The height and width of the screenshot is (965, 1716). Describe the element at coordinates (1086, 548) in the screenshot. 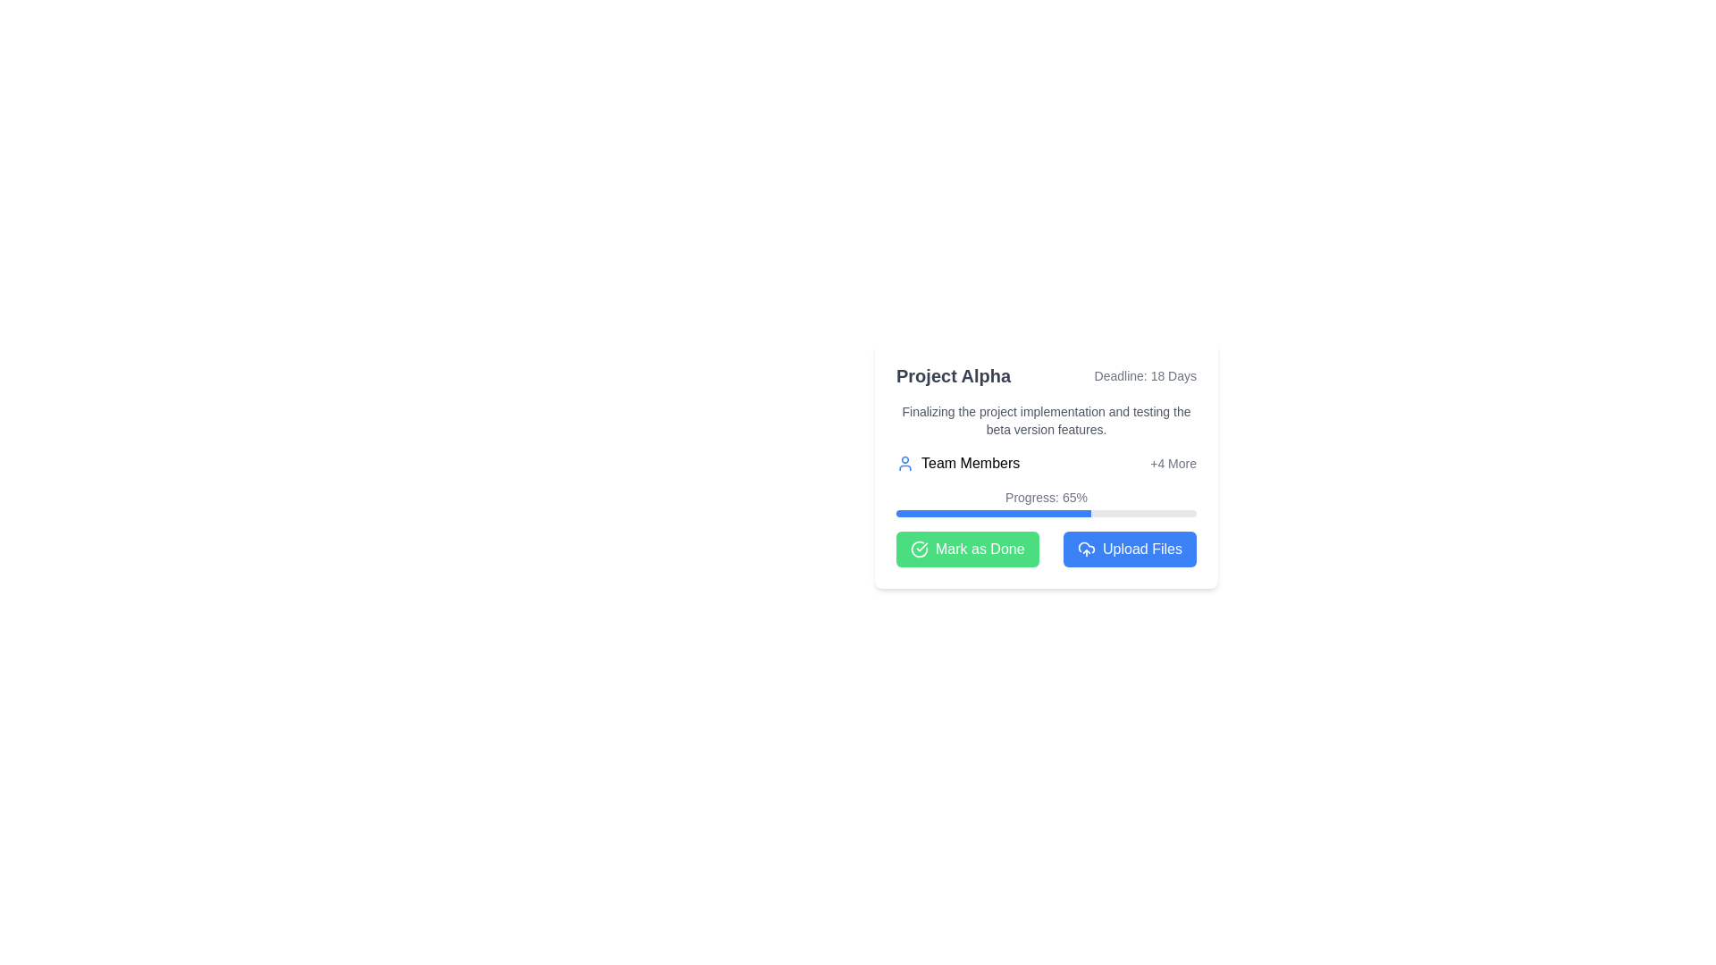

I see `the cloud outline icon representing the upload action, which is located within the blue 'Upload Files' button` at that location.